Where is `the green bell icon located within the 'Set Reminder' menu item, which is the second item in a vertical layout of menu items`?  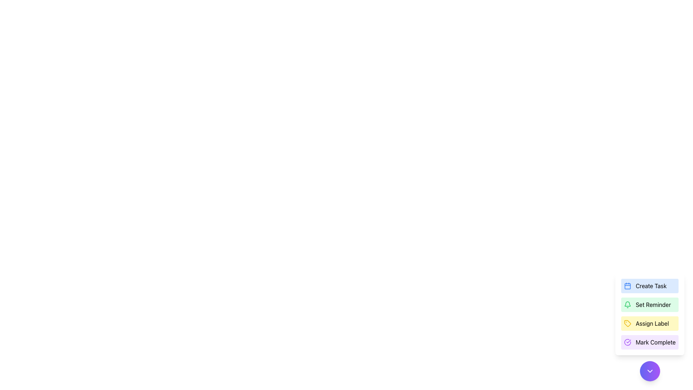
the green bell icon located within the 'Set Reminder' menu item, which is the second item in a vertical layout of menu items is located at coordinates (627, 305).